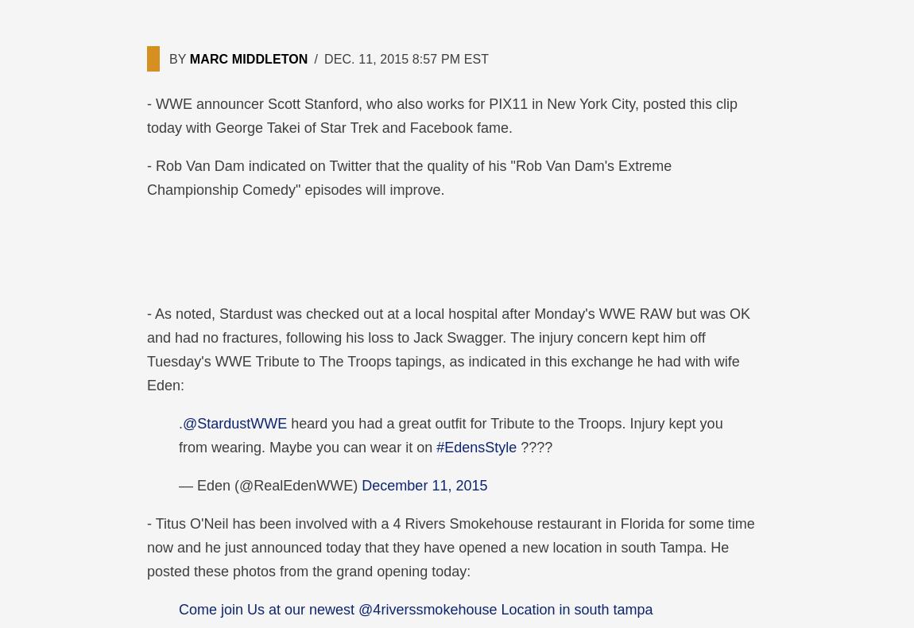 This screenshot has height=628, width=914. What do you see at coordinates (316, 58) in the screenshot?
I see `'/'` at bounding box center [316, 58].